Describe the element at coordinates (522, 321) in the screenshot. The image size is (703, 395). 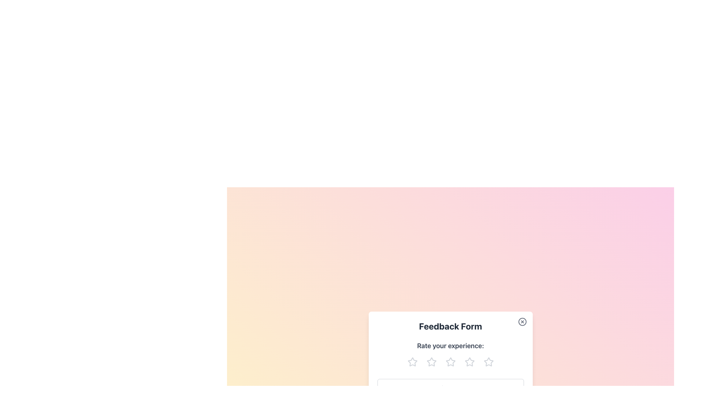
I see `the close button located at the top-right corner of the 'Feedback Form'` at that location.